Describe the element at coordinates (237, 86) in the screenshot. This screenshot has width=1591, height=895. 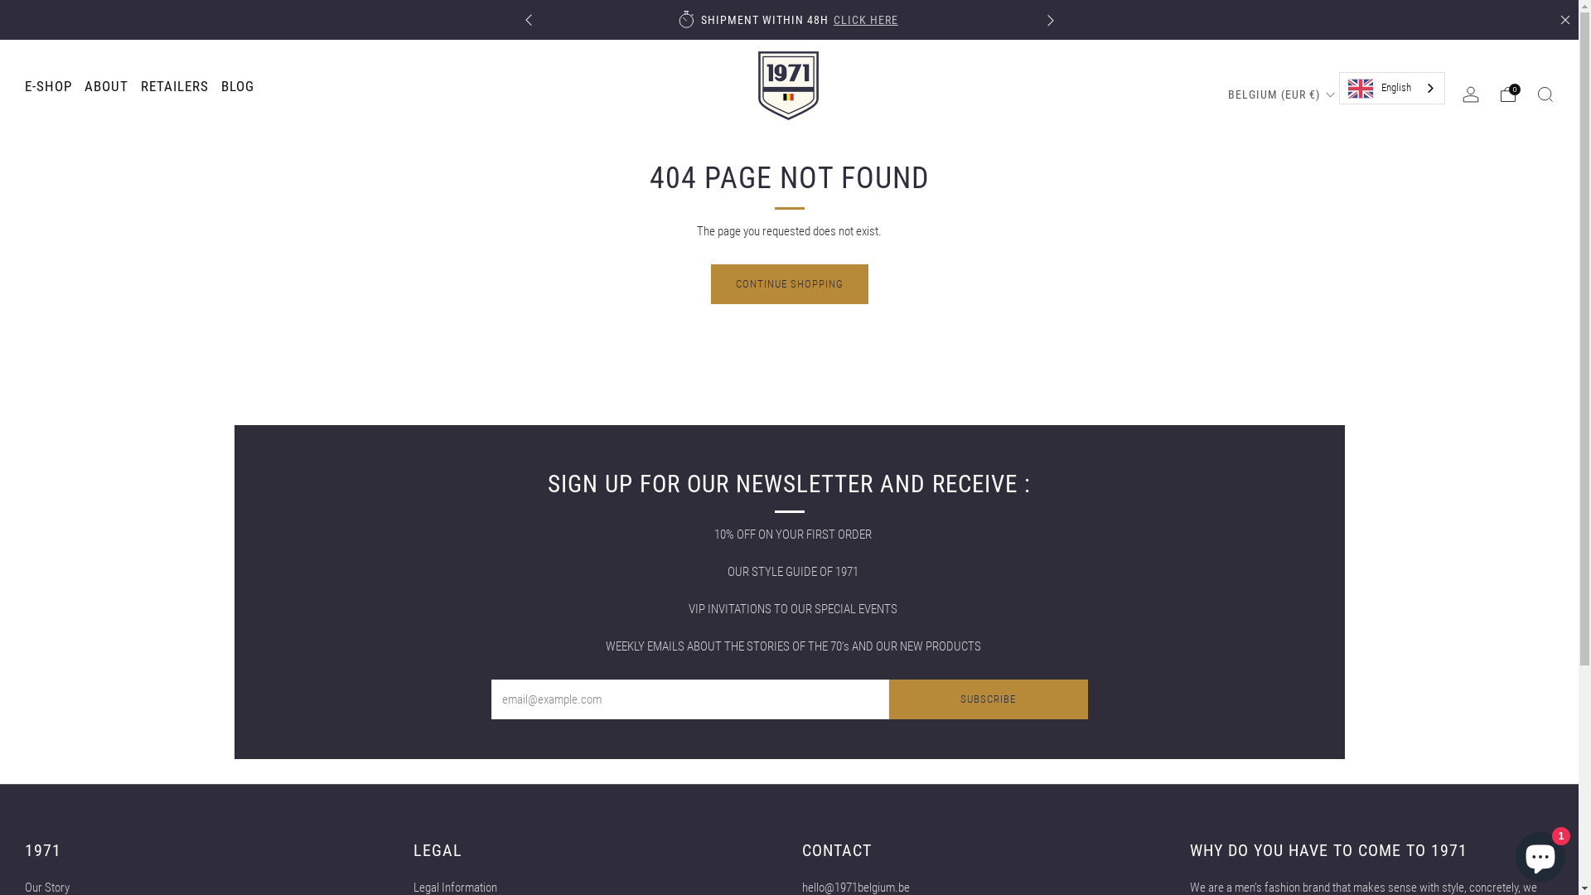
I see `'BLOG'` at that location.